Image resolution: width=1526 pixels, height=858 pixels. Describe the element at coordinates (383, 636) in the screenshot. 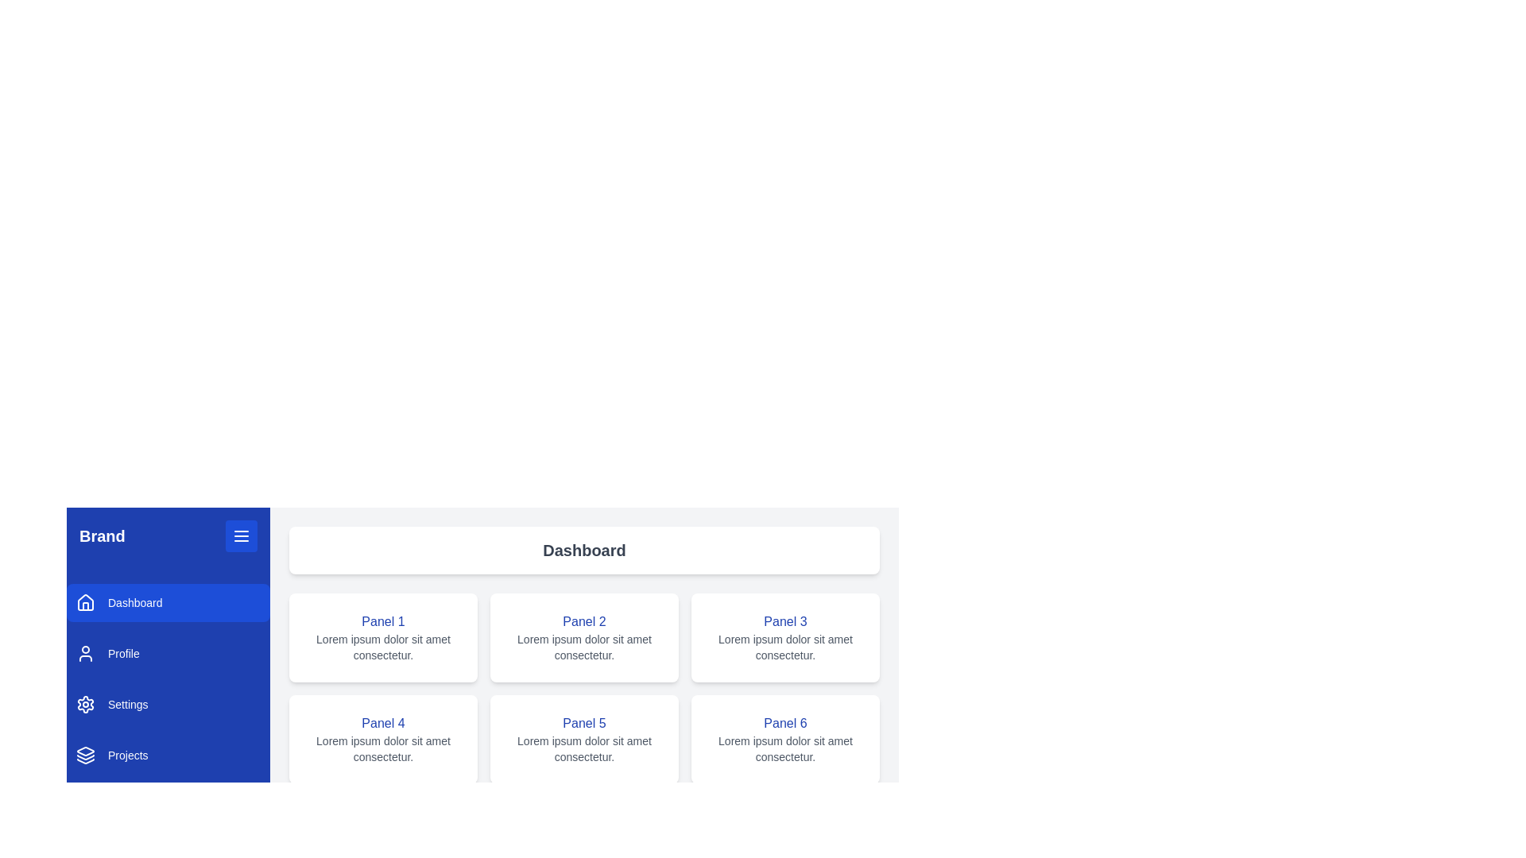

I see `the Informational Card located in the first row and first column of the grid` at that location.